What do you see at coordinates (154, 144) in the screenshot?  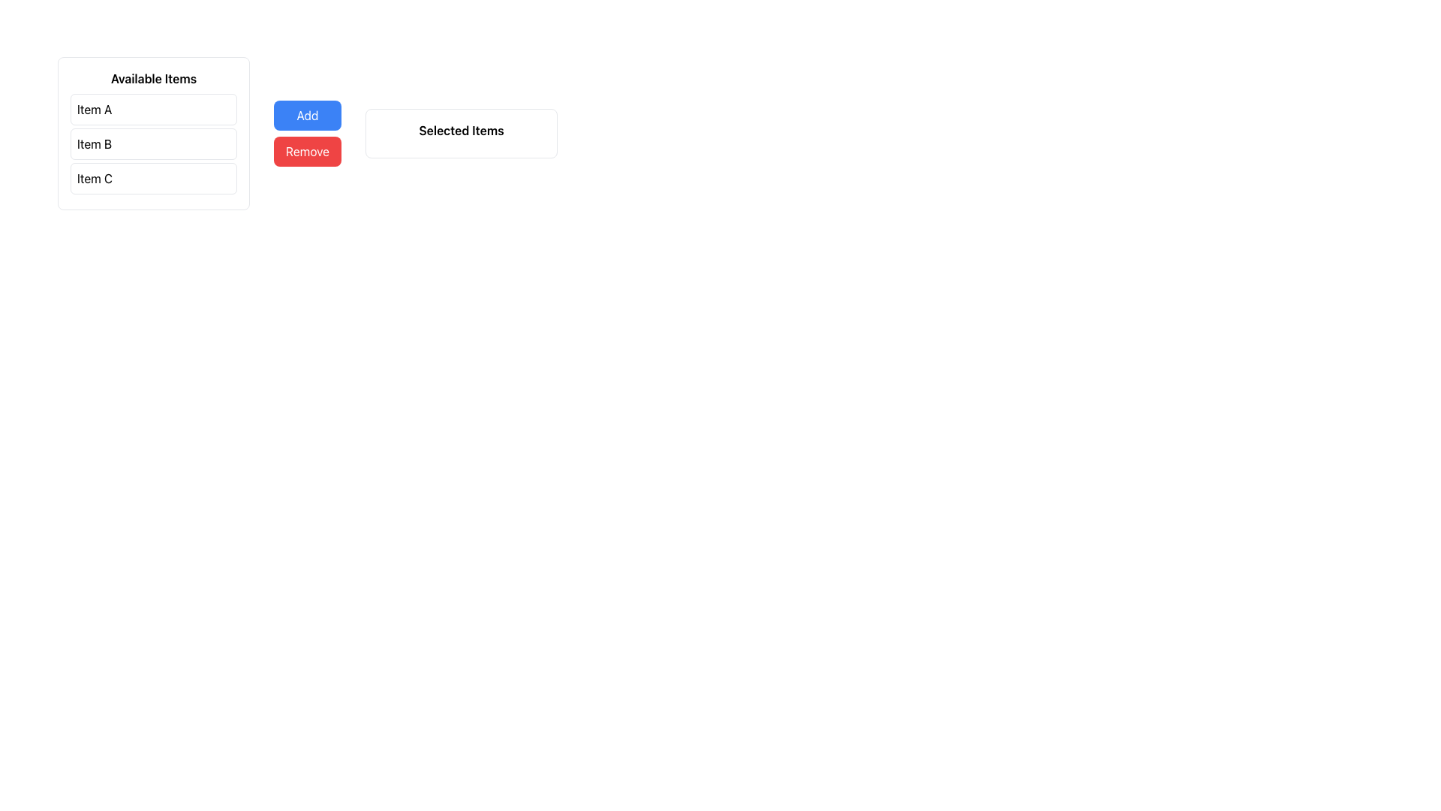 I see `the second item in the 'Available Items' list, labeled 'Item B'` at bounding box center [154, 144].